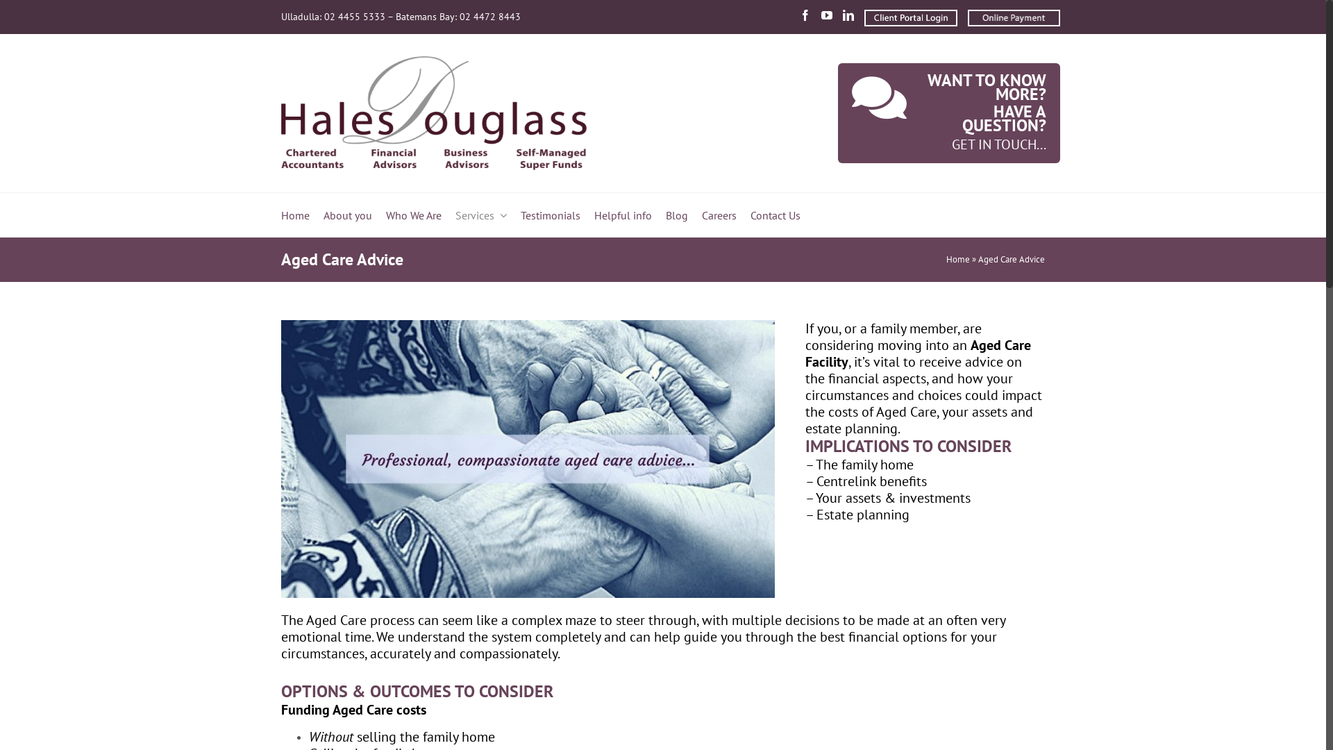 The image size is (1333, 750). What do you see at coordinates (280, 215) in the screenshot?
I see `'Home'` at bounding box center [280, 215].